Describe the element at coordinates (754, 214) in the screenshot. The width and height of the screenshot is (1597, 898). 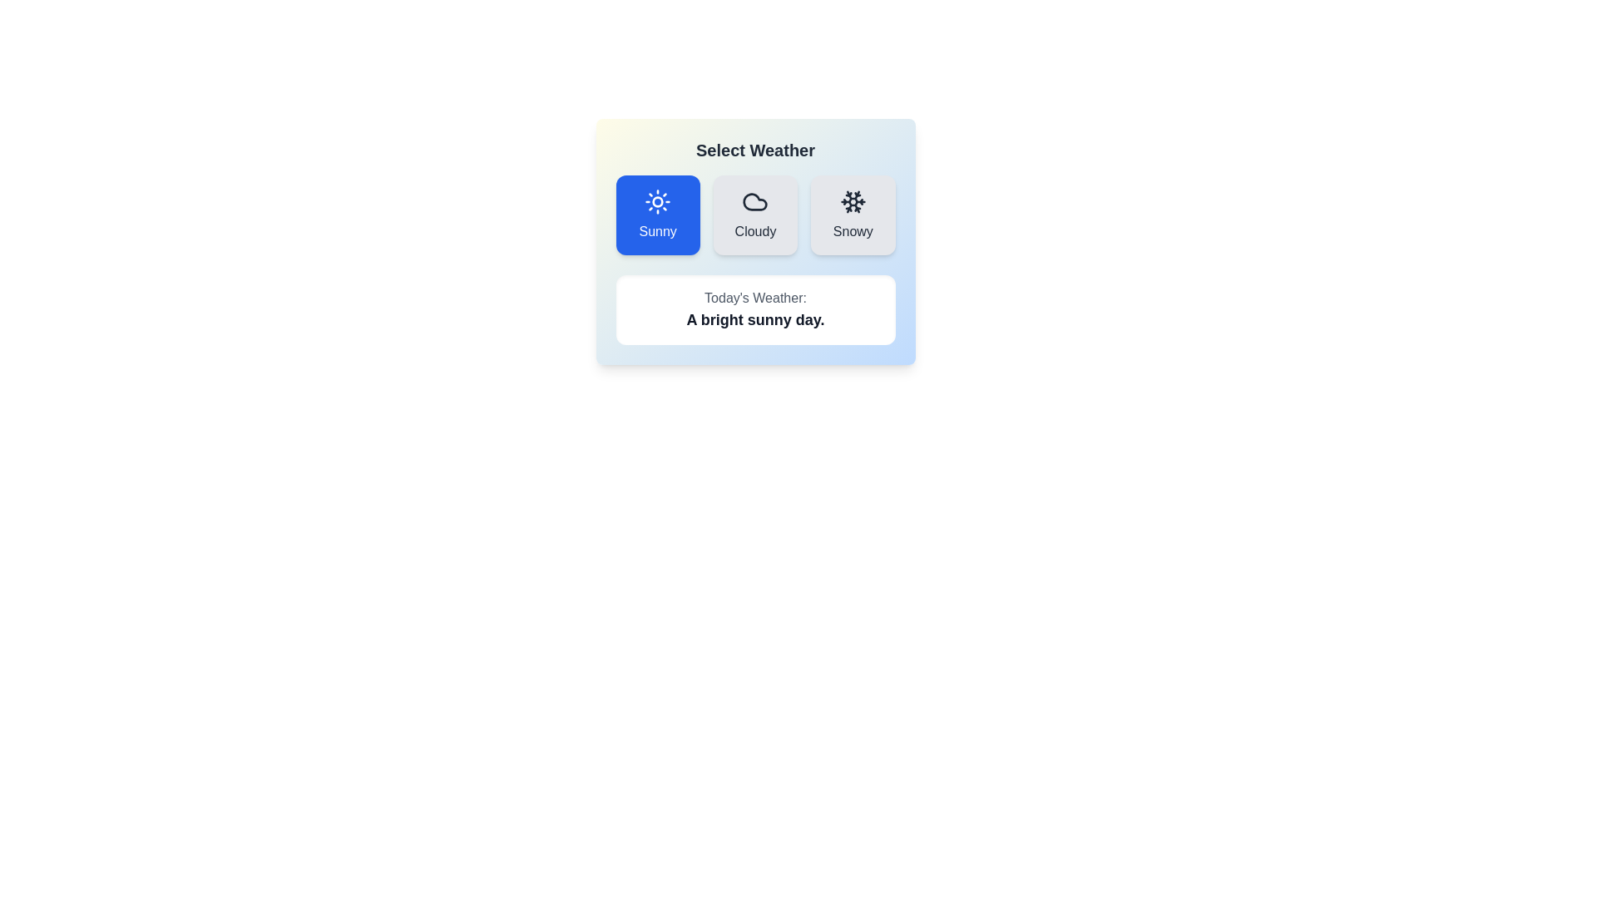
I see `the icon and label for the weather option 'Cloudy'` at that location.